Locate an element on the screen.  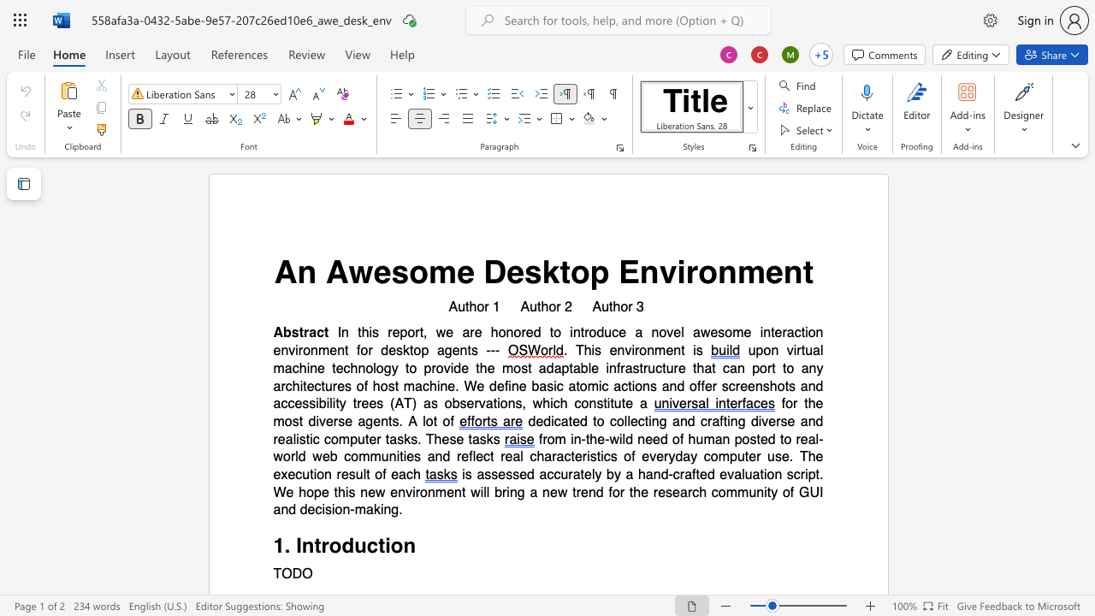
the 1th character "c" in the text is located at coordinates (550, 475).